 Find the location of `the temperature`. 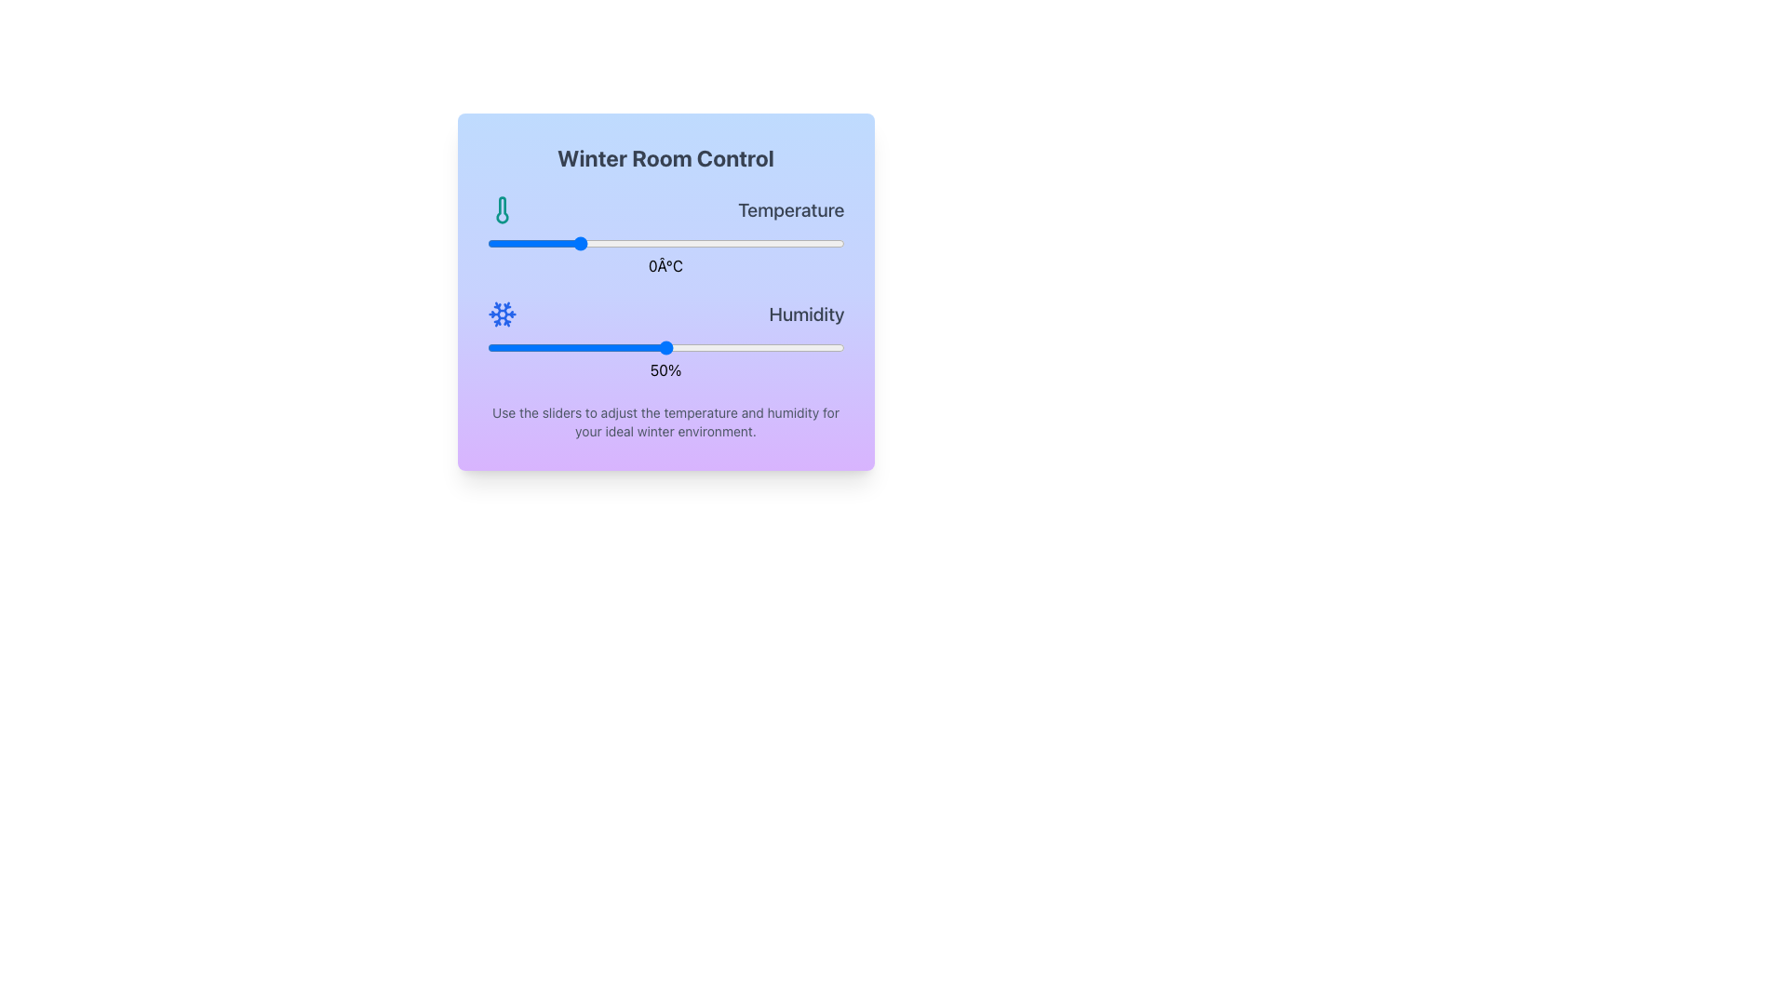

the temperature is located at coordinates (496, 243).